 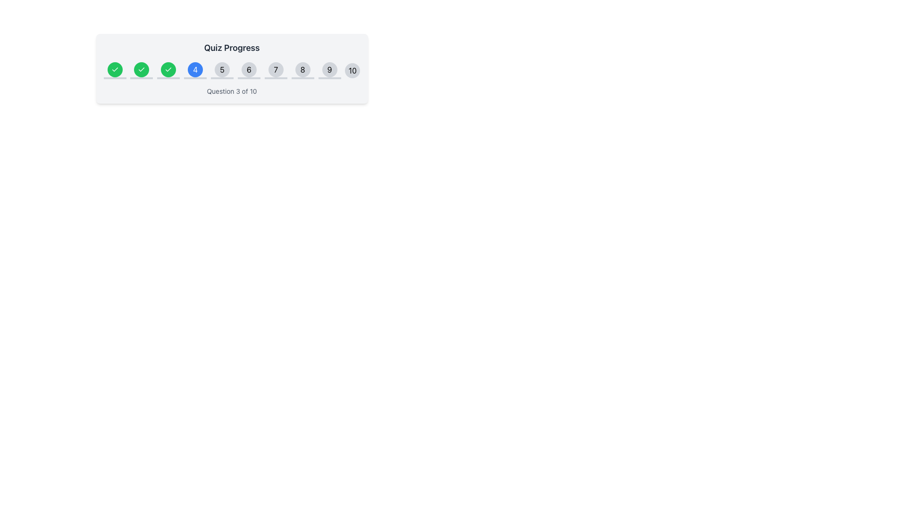 What do you see at coordinates (141, 70) in the screenshot?
I see `the third circular icon button in the 'Quiz Progress' tracker` at bounding box center [141, 70].